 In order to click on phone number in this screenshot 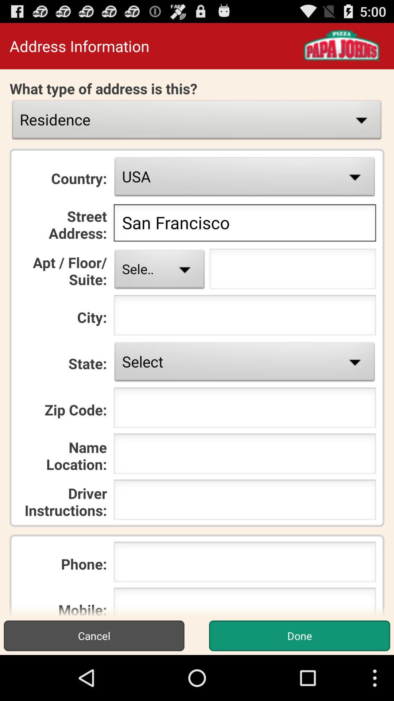, I will do `click(245, 564)`.